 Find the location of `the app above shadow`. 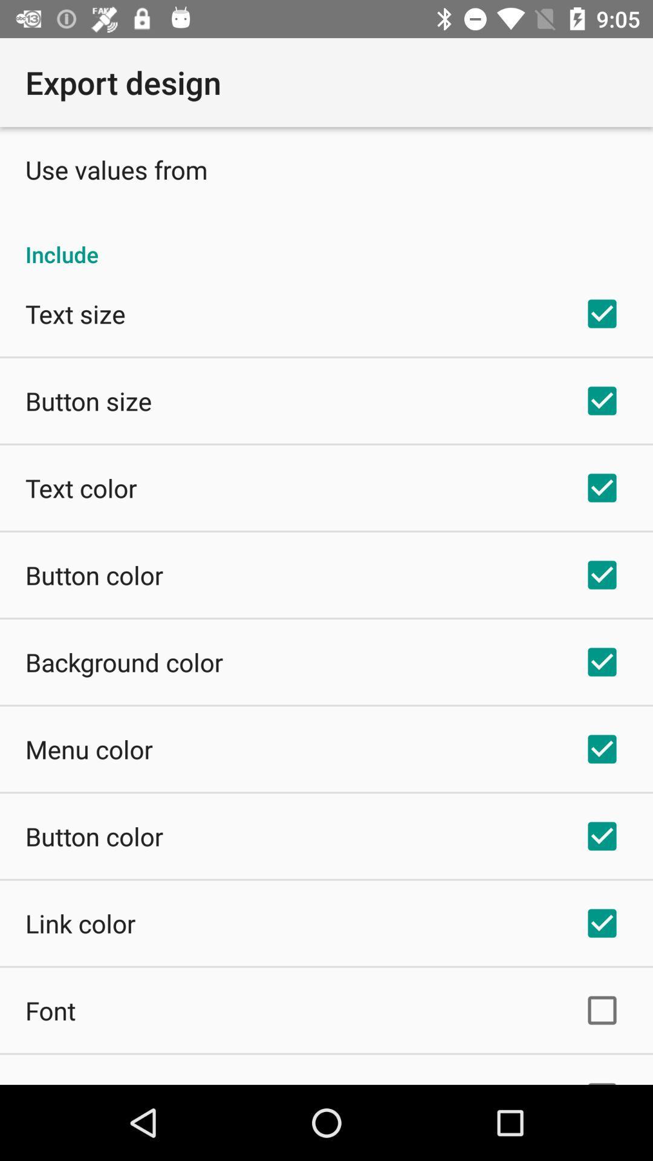

the app above shadow is located at coordinates (50, 1010).